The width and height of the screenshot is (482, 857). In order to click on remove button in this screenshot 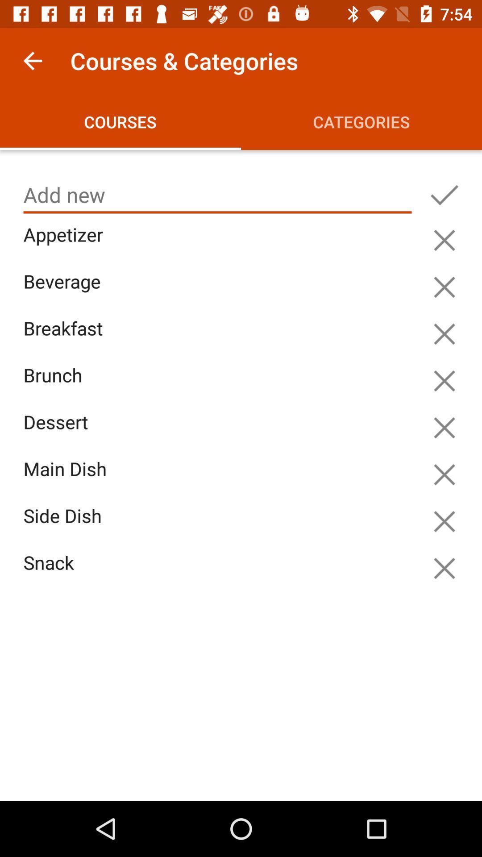, I will do `click(444, 427)`.